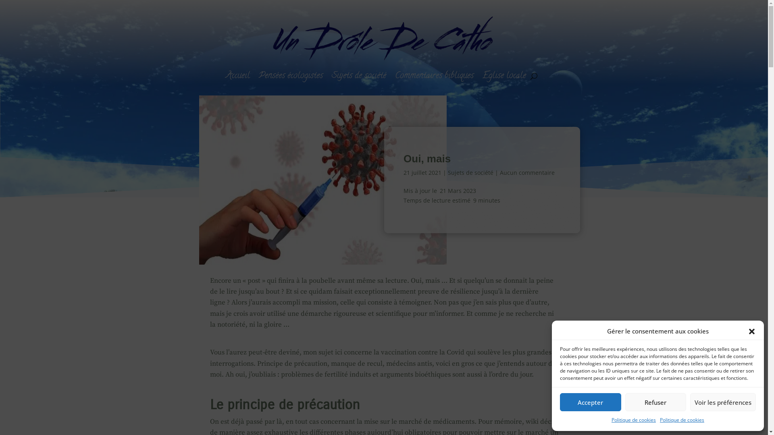 This screenshot has height=435, width=774. What do you see at coordinates (237, 76) in the screenshot?
I see `'Accueil'` at bounding box center [237, 76].